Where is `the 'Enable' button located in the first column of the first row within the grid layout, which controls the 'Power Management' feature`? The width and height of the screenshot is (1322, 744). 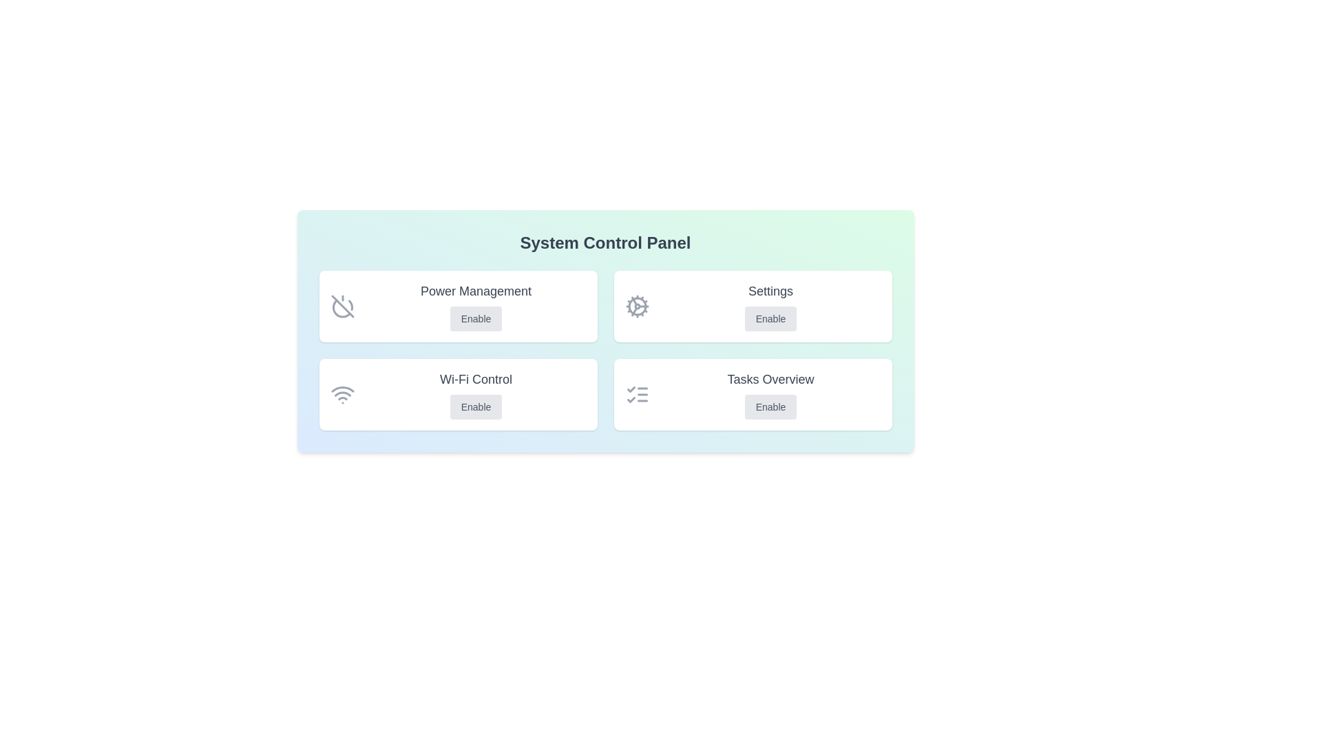 the 'Enable' button located in the first column of the first row within the grid layout, which controls the 'Power Management' feature is located at coordinates (458, 305).